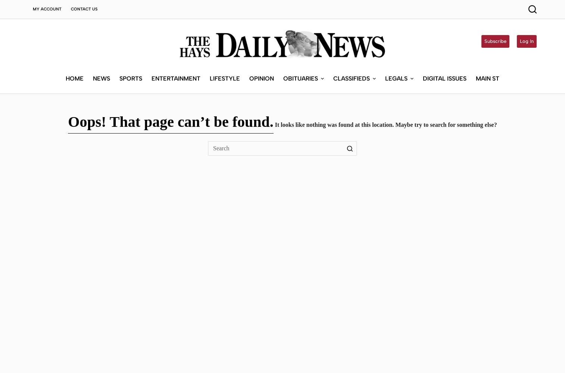  I want to click on 'Oops! That page can’t be found.', so click(170, 121).